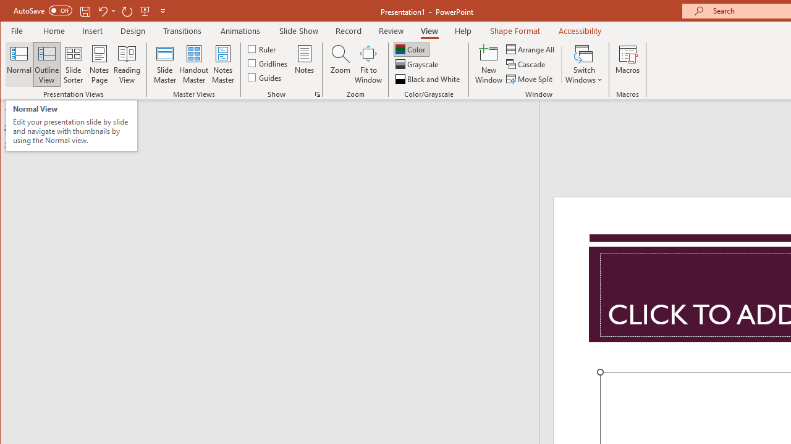 Image resolution: width=791 pixels, height=444 pixels. What do you see at coordinates (527, 64) in the screenshot?
I see `'Cascade'` at bounding box center [527, 64].